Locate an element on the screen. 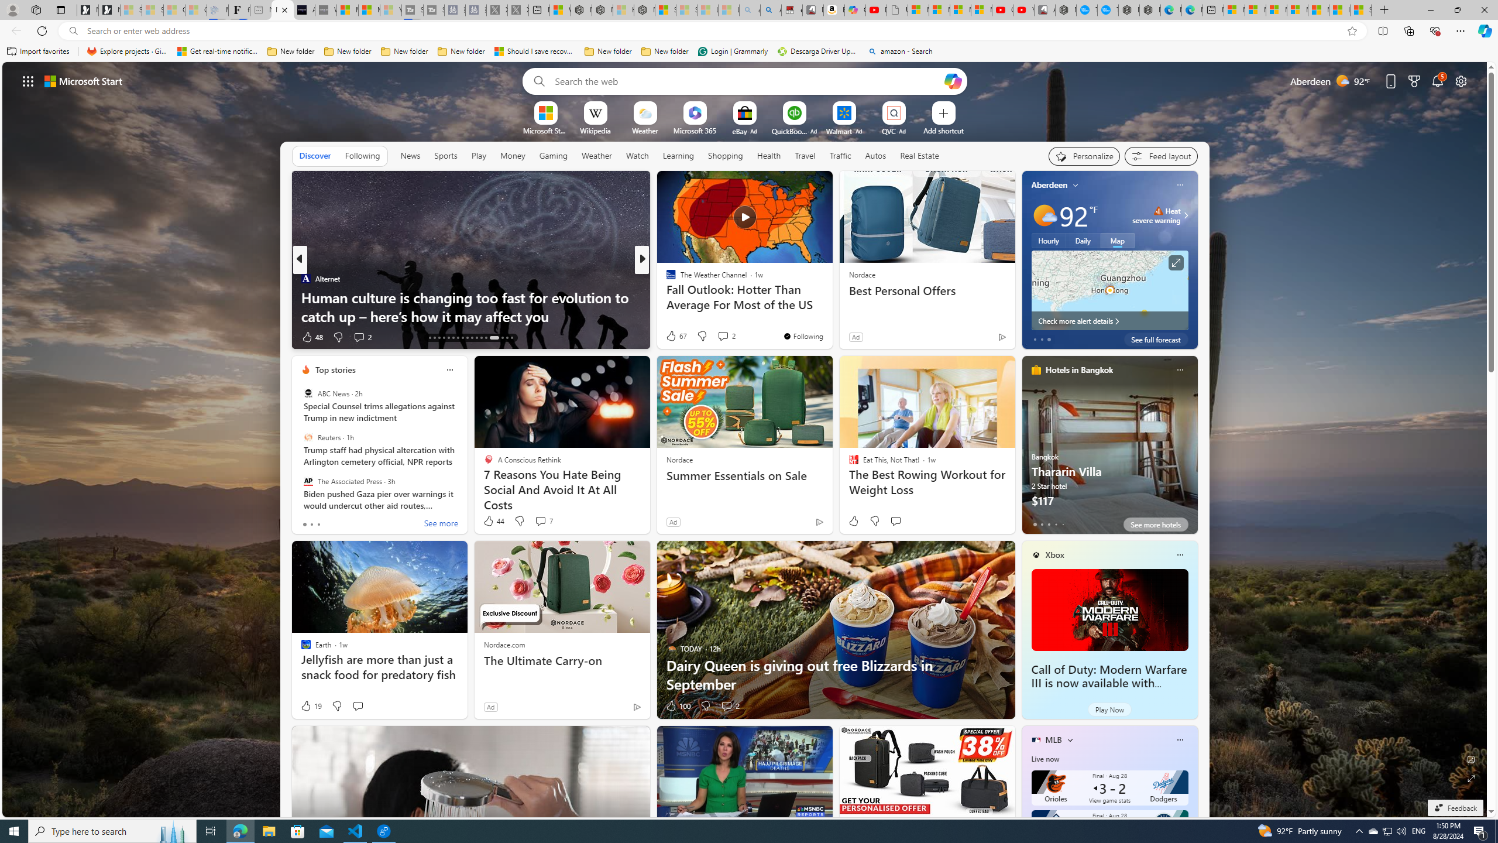  'tab-2' is located at coordinates (1049, 524).